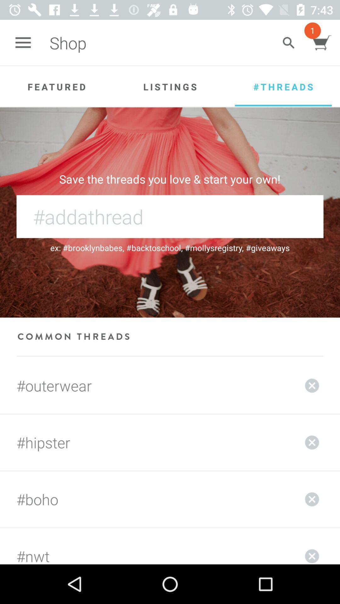 This screenshot has width=340, height=604. I want to click on delete selected item, so click(312, 546).